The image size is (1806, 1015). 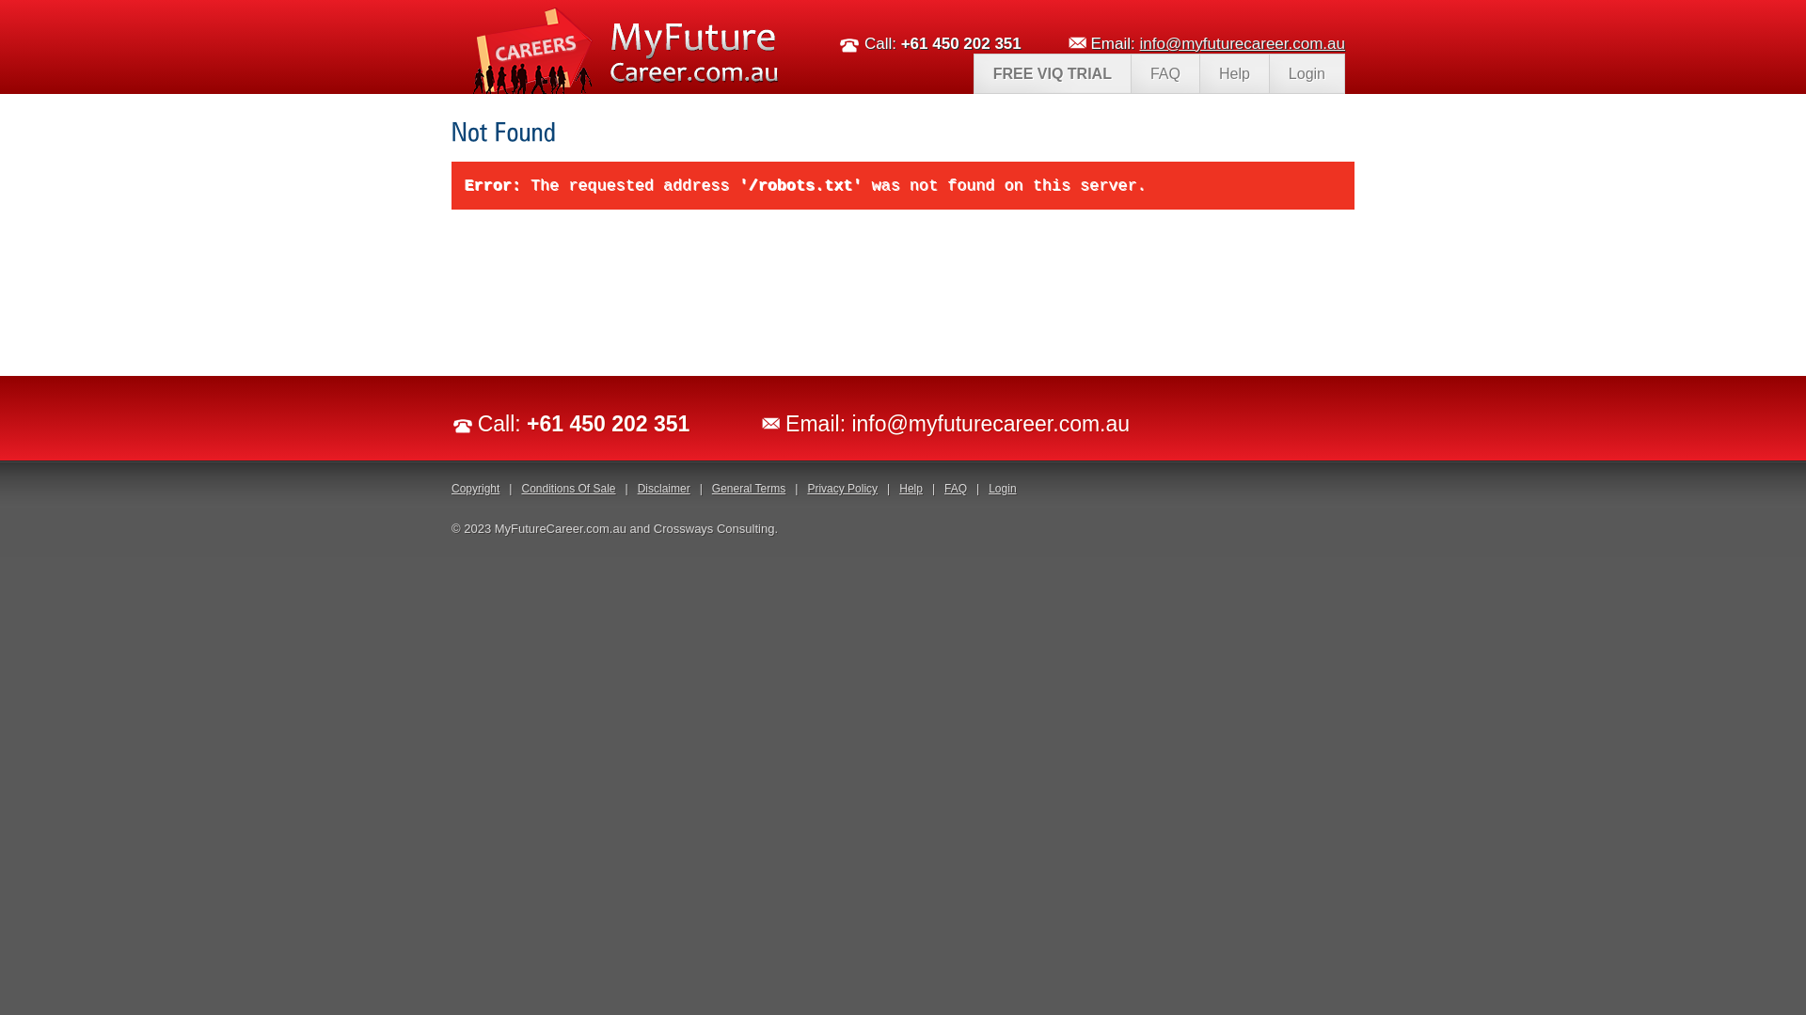 What do you see at coordinates (911, 488) in the screenshot?
I see `'Help'` at bounding box center [911, 488].